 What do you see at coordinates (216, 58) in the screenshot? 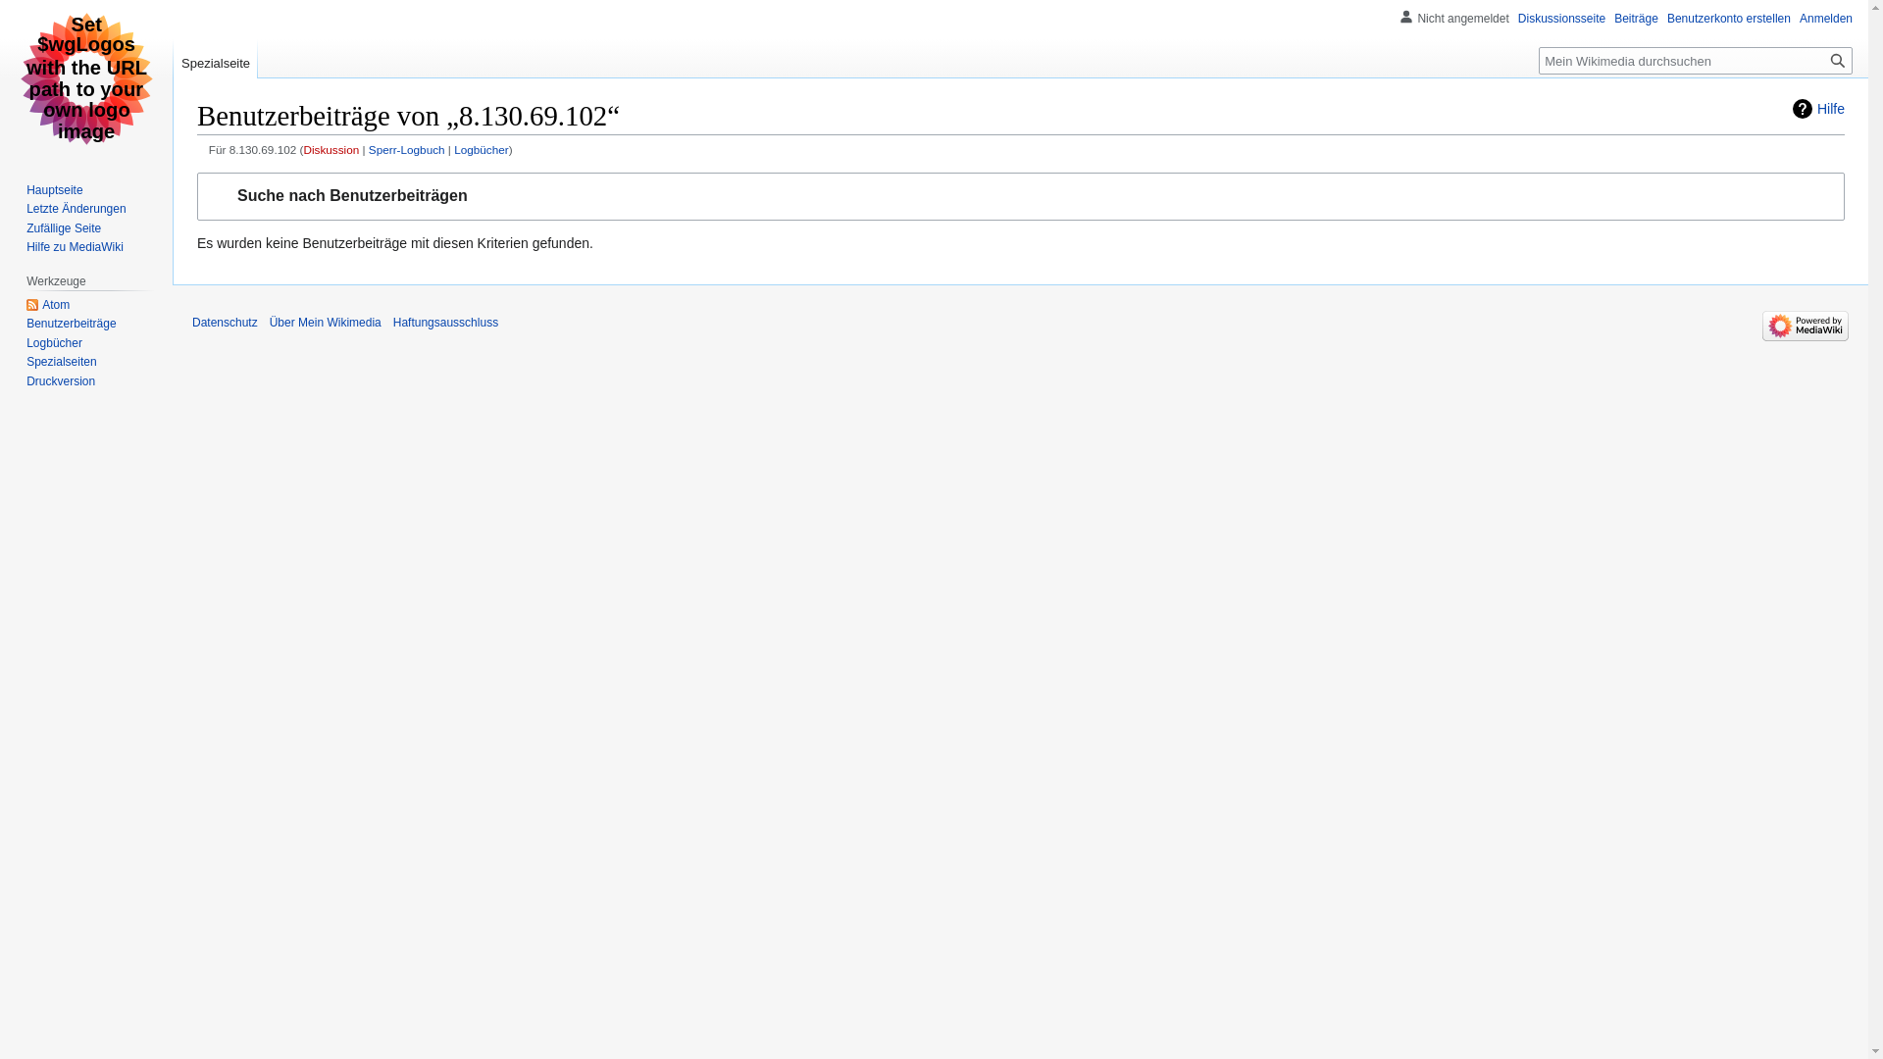
I see `'Spezialseite'` at bounding box center [216, 58].